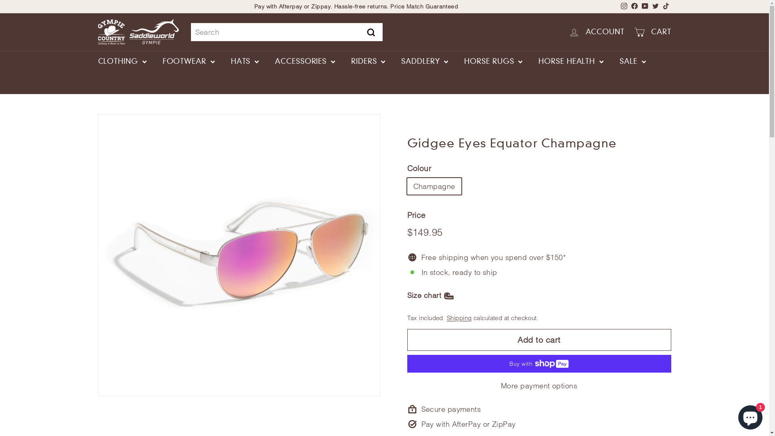  Describe the element at coordinates (653, 31) in the screenshot. I see `'CART'` at that location.